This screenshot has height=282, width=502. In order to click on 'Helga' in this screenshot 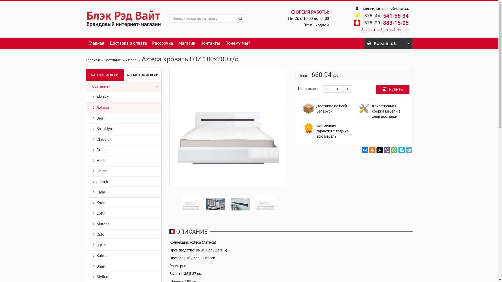, I will do `click(123, 171)`.